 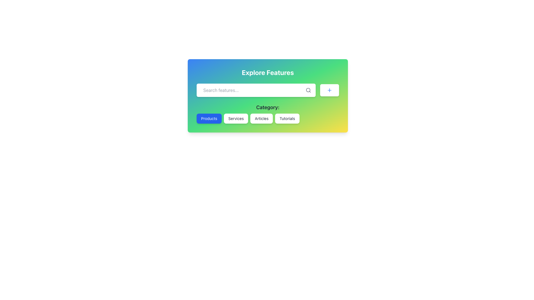 I want to click on the 'Articles' button, which is a rectangular button with a white background and black text, located under the 'Category' heading, positioned between the 'Services' and 'Tutorials' buttons, so click(x=261, y=118).